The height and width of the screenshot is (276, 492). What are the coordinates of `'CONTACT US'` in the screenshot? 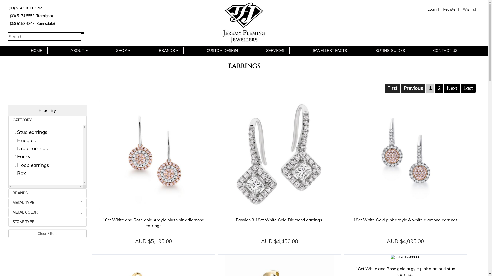 It's located at (445, 50).